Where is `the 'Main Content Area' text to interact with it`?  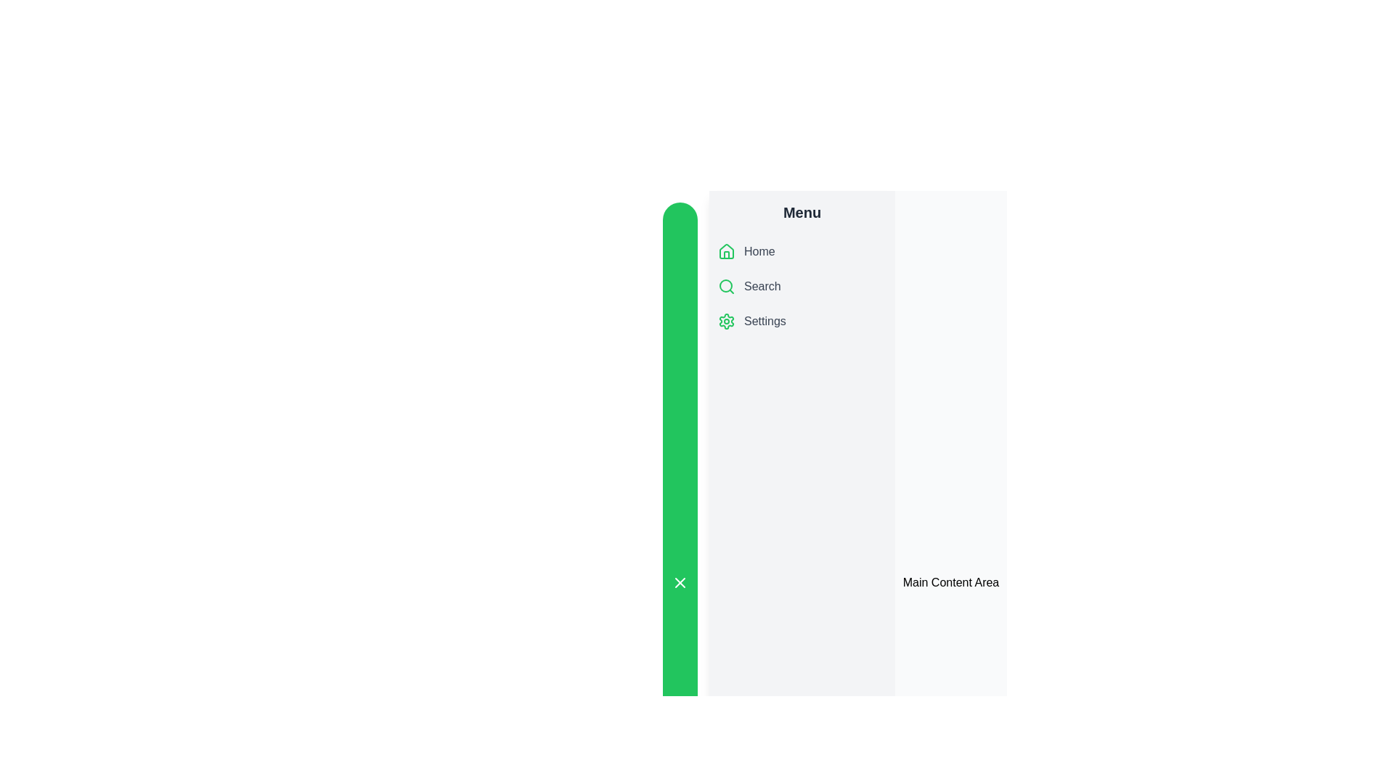
the 'Main Content Area' text to interact with it is located at coordinates (951, 581).